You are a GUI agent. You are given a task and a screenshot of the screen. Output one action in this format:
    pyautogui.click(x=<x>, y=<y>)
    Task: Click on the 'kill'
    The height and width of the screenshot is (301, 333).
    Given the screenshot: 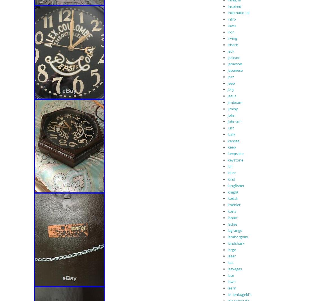 What is the action you would take?
    pyautogui.click(x=229, y=166)
    